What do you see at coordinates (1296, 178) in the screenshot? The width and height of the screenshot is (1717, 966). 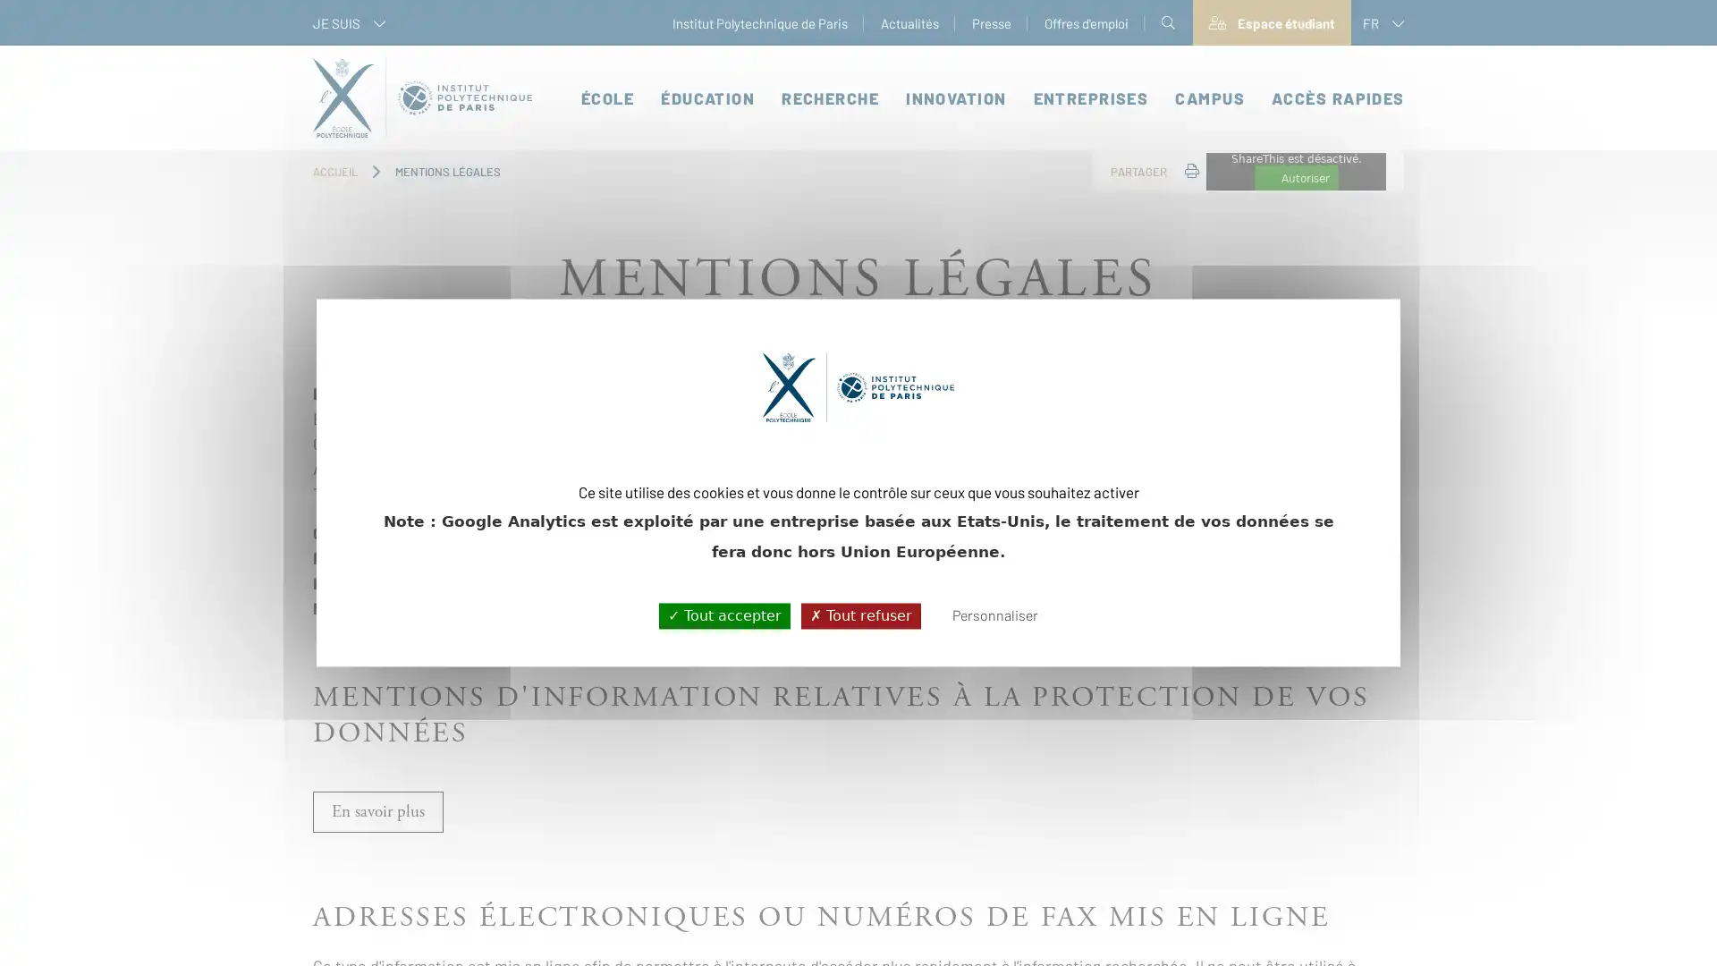 I see `Autoriser` at bounding box center [1296, 178].